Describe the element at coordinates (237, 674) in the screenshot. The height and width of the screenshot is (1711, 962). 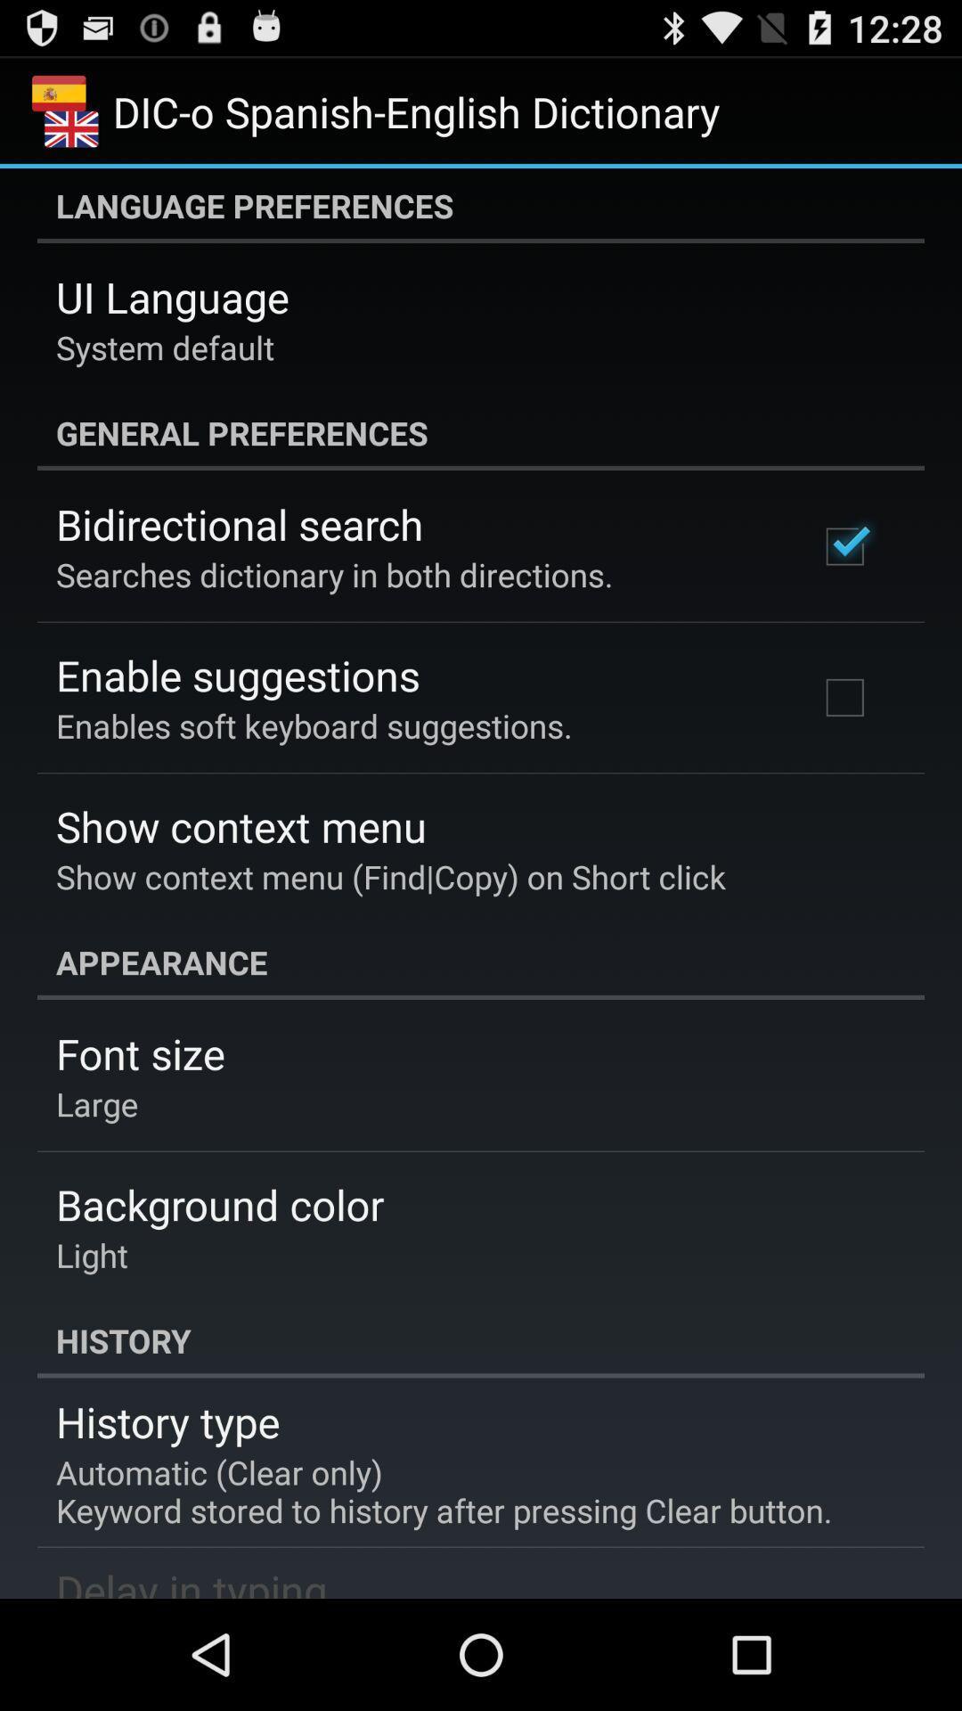
I see `the app below the searches dictionary in app` at that location.